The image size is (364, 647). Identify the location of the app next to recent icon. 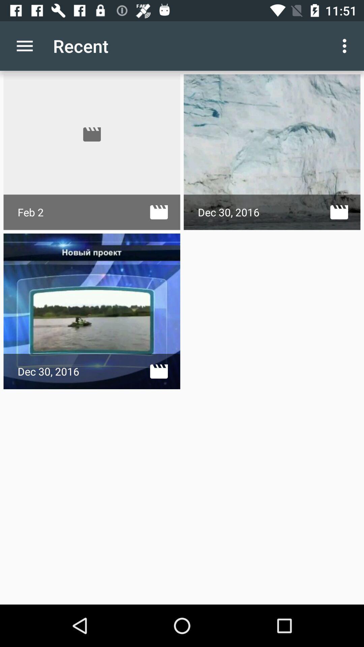
(346, 45).